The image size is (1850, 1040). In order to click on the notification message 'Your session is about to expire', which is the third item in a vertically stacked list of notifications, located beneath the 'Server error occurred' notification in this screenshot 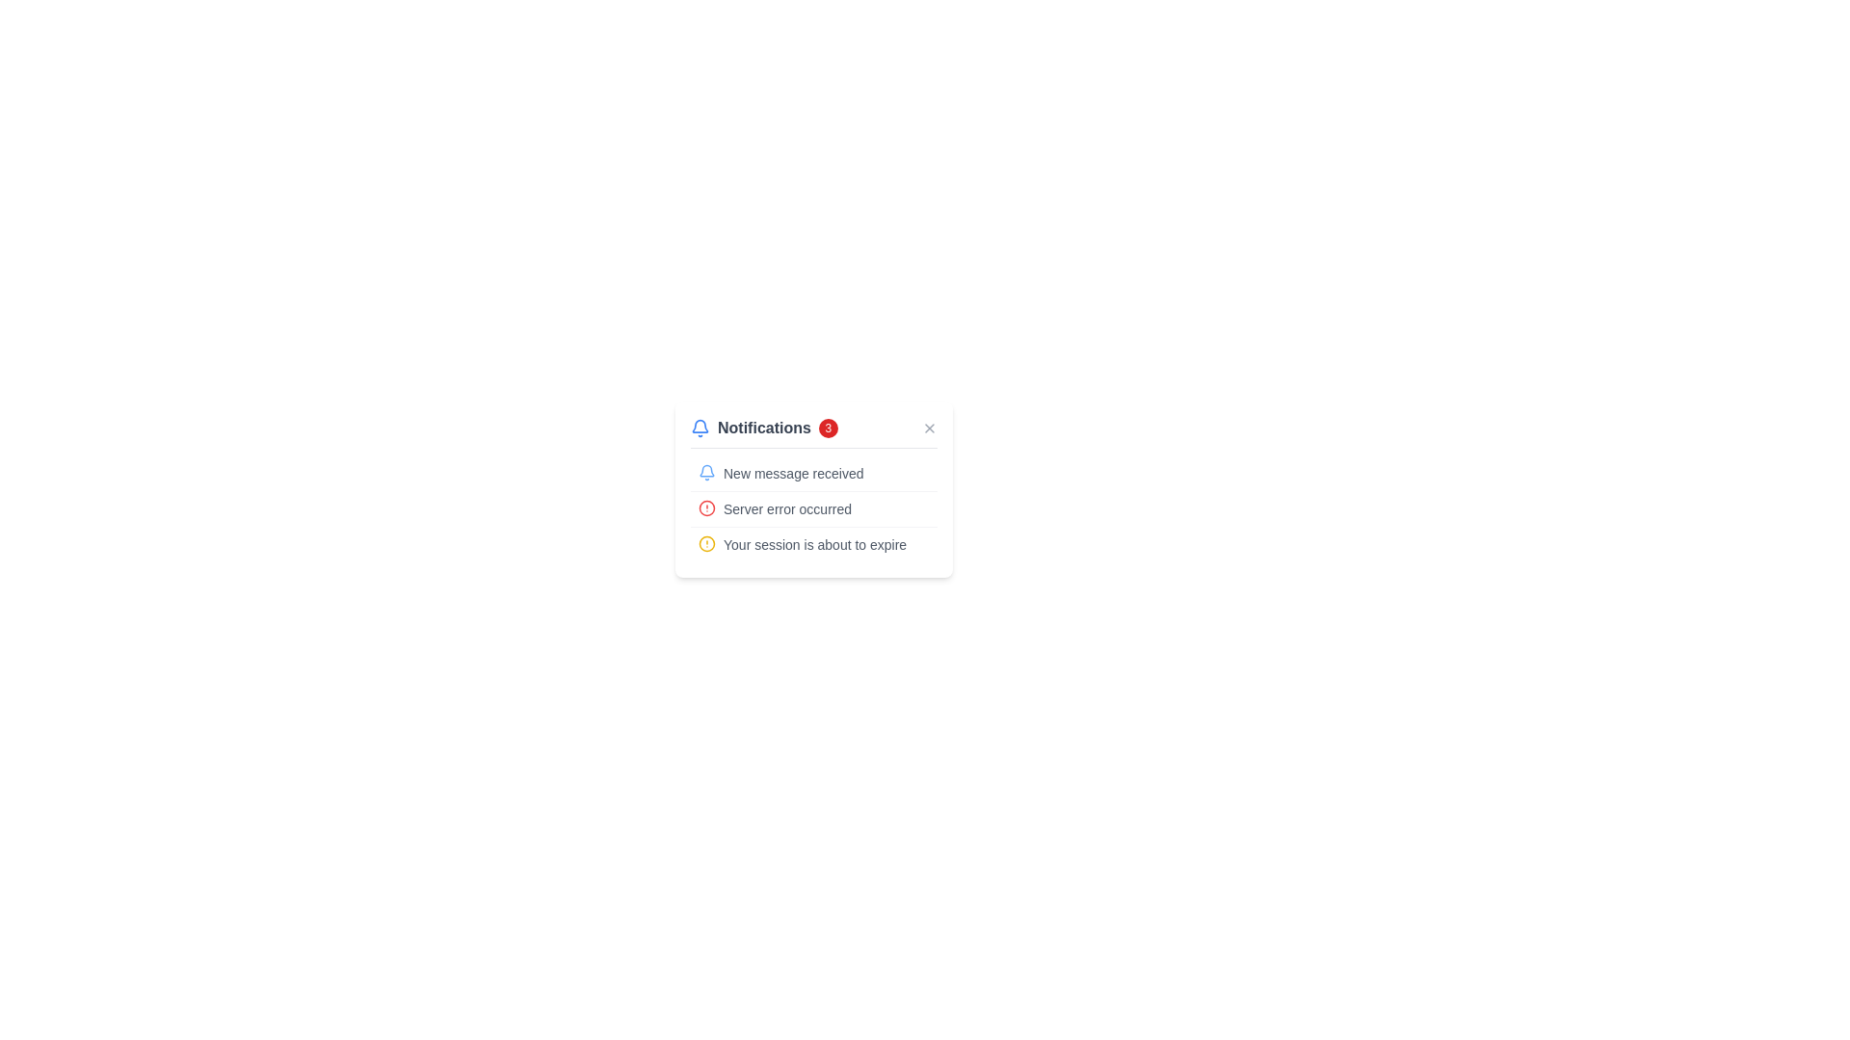, I will do `click(813, 543)`.